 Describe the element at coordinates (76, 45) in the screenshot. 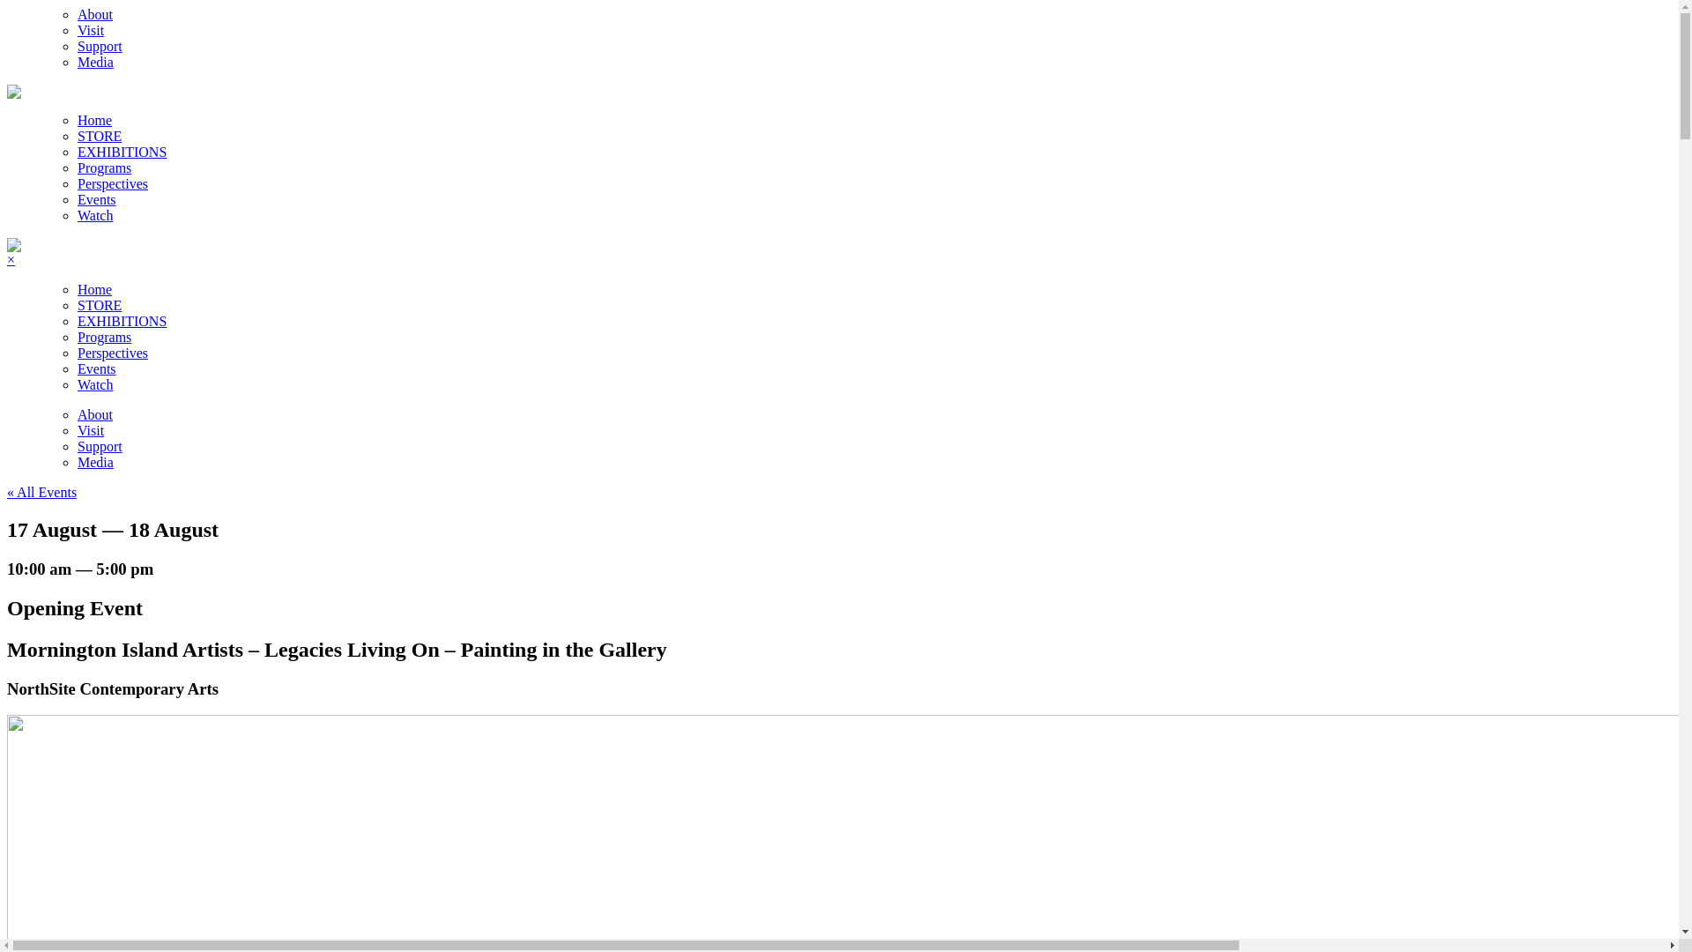

I see `'Support'` at that location.